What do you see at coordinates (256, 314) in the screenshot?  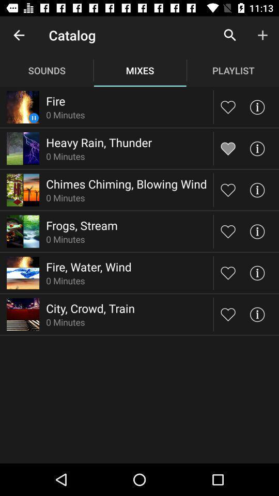 I see `sound information` at bounding box center [256, 314].